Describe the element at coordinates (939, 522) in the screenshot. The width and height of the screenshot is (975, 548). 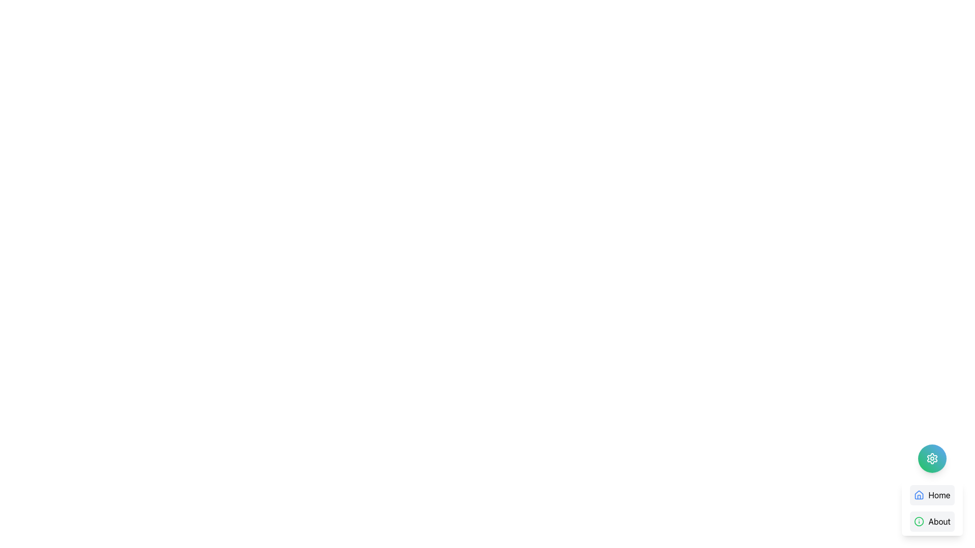
I see `the 'About' text label, which is part of a button-like component with a gray background and rounded corners` at that location.